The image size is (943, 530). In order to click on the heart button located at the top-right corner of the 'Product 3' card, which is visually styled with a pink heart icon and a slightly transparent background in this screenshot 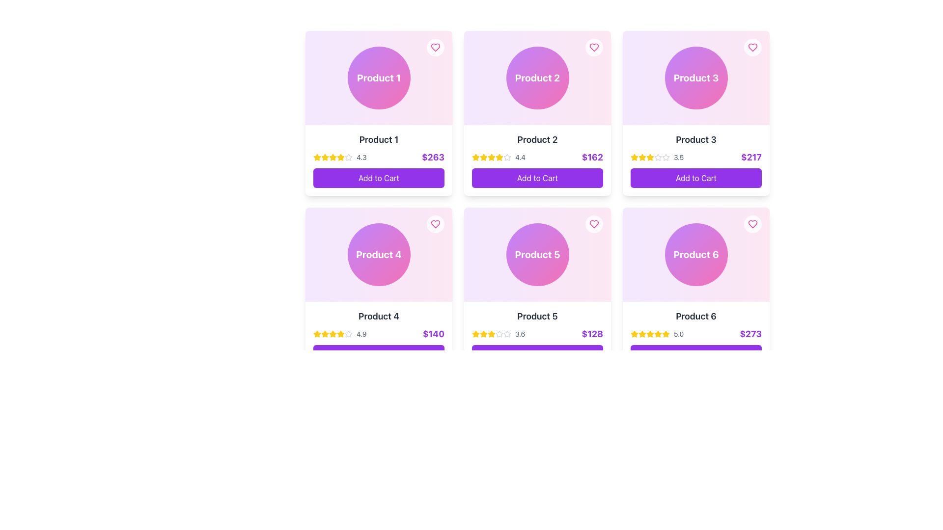, I will do `click(752, 47)`.